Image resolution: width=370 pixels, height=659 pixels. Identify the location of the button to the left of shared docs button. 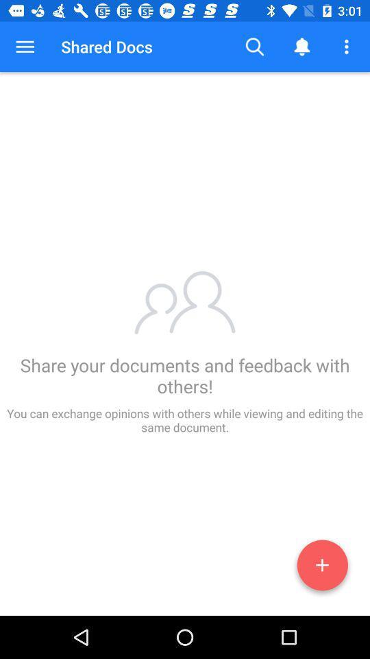
(25, 47).